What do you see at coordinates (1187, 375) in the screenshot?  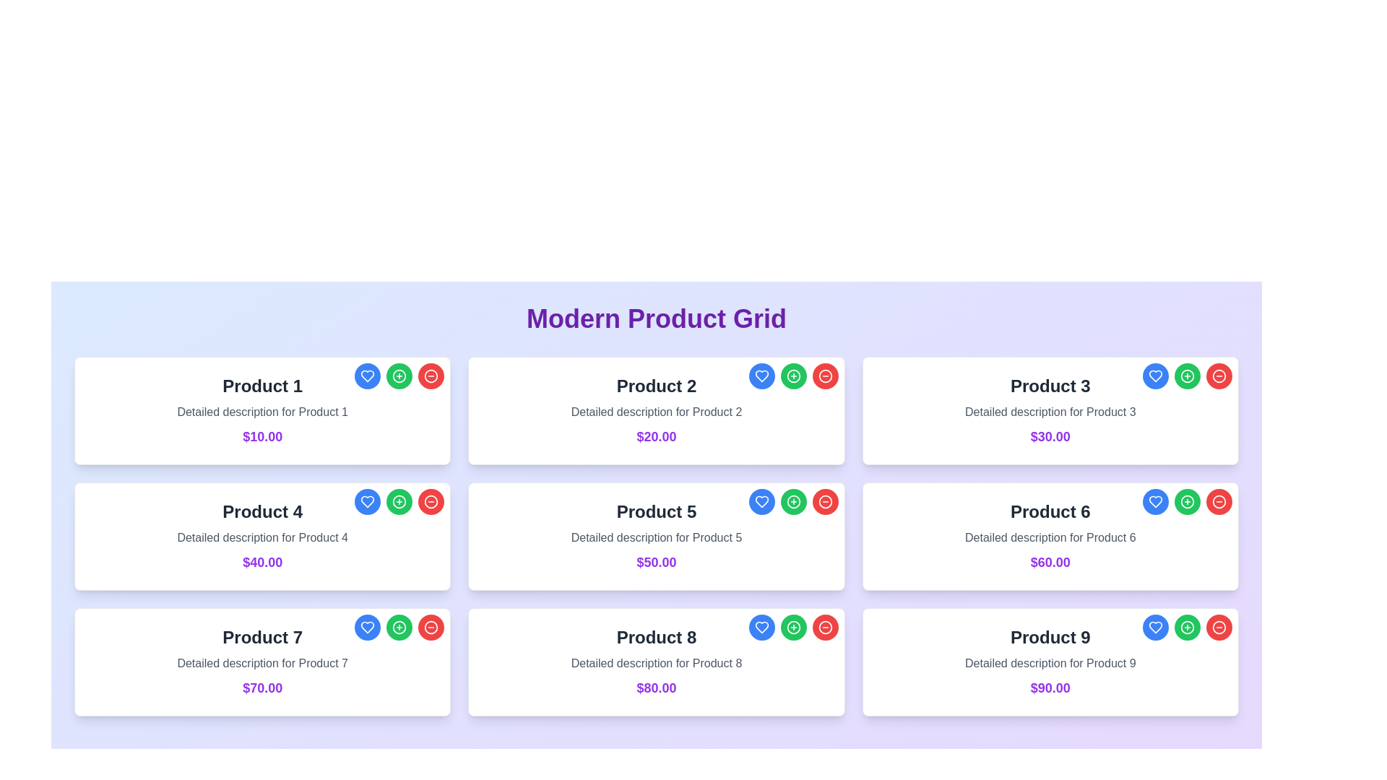 I see `the circular green button with a white border and a plus sign` at bounding box center [1187, 375].